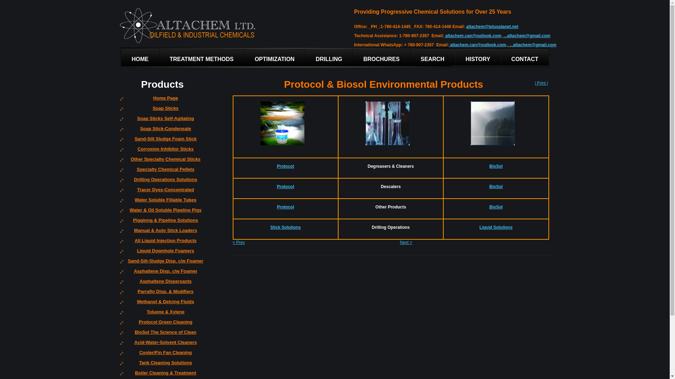  What do you see at coordinates (162, 365) in the screenshot?
I see `'Tank Cleaning Solutions'` at bounding box center [162, 365].